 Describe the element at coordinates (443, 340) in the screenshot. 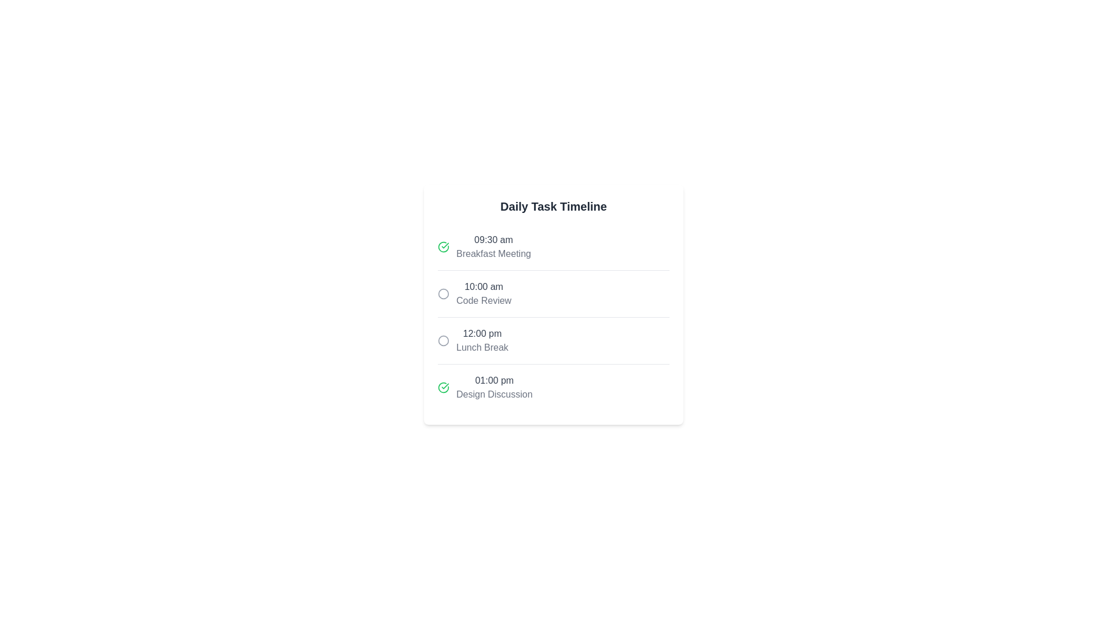

I see `the minimalist outlined circle icon associated with the 'Lunch Break' entry at 12:00 pm on the timeline` at that location.